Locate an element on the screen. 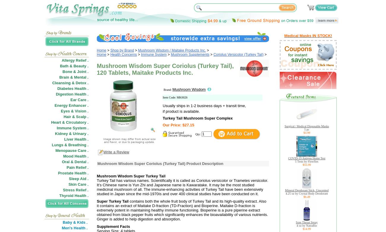  'Mushroom Wisdom Super Coriolus (Turkey Tail) Product Description' is located at coordinates (160, 163).